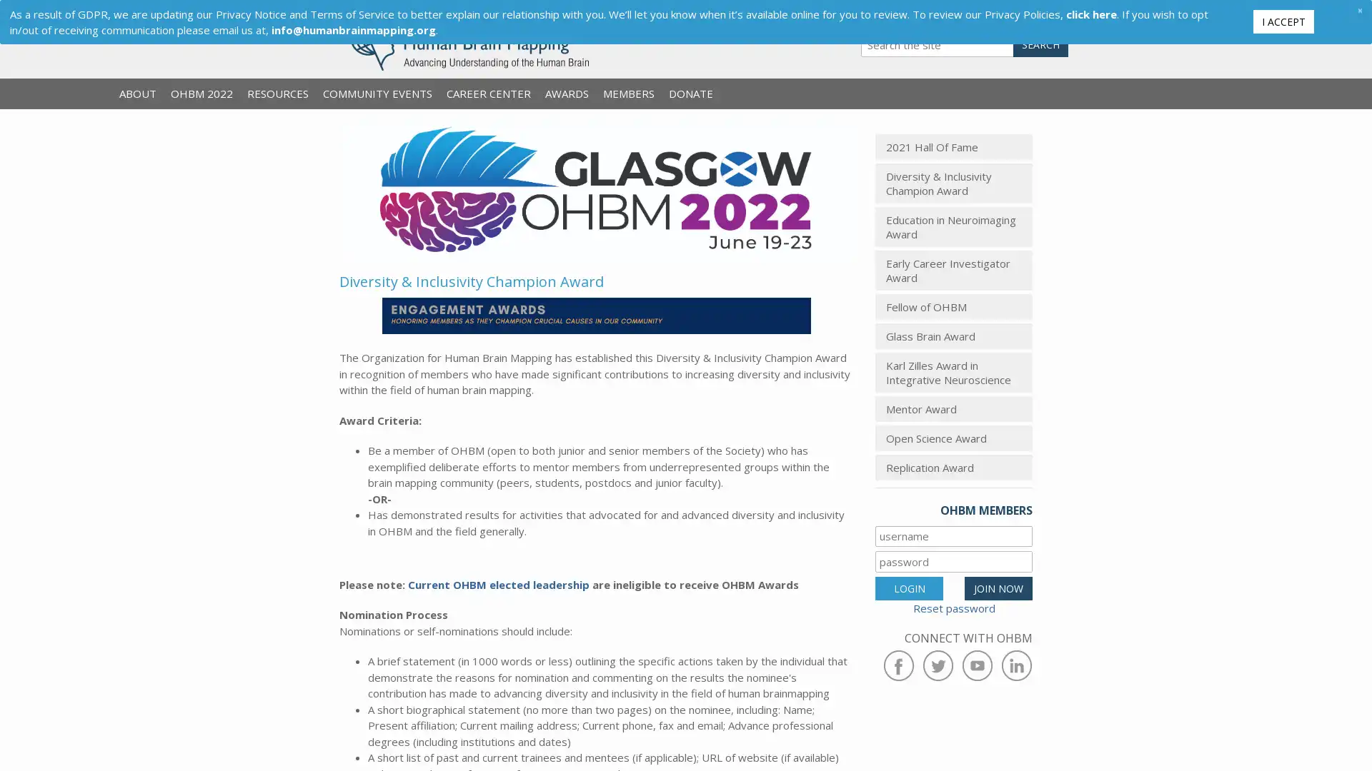  Describe the element at coordinates (1358, 10) in the screenshot. I see `Close` at that location.